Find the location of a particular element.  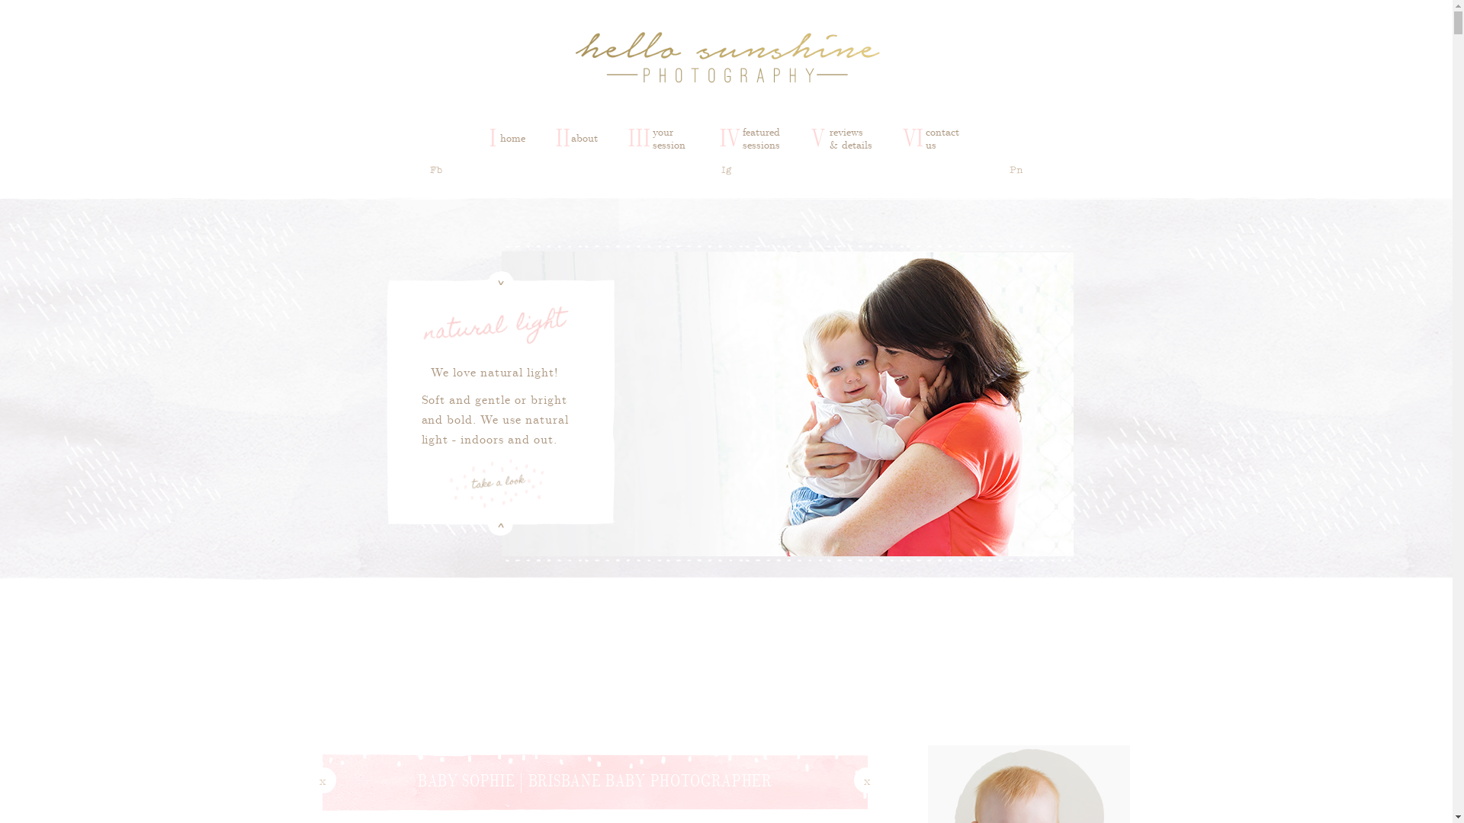

'your session' is located at coordinates (670, 138).